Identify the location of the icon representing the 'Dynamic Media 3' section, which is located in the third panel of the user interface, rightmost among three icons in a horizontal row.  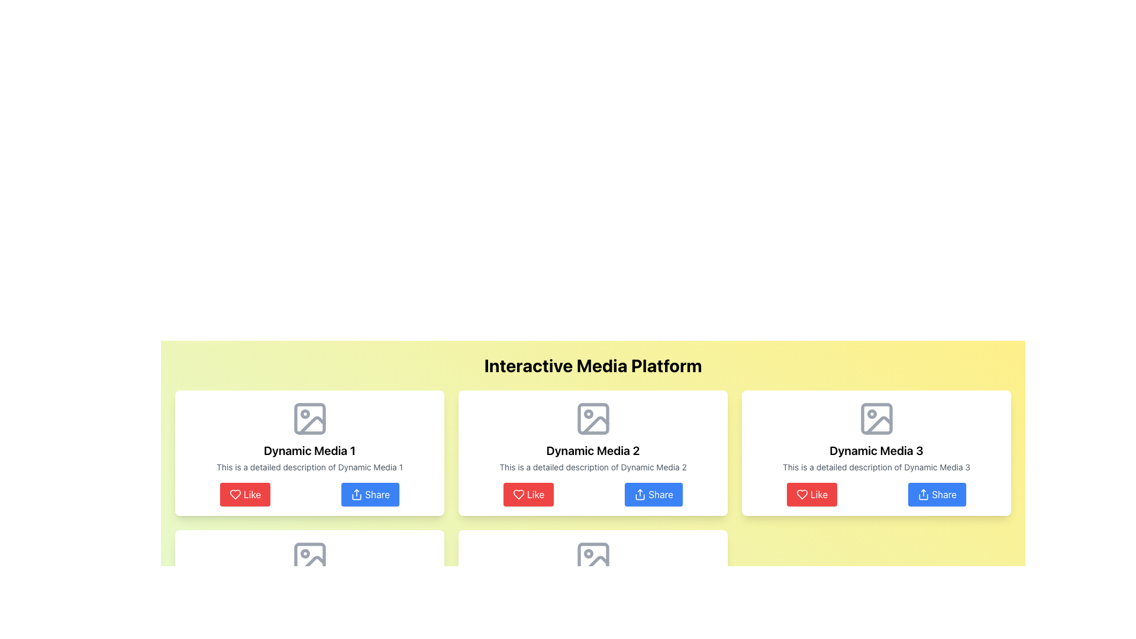
(876, 418).